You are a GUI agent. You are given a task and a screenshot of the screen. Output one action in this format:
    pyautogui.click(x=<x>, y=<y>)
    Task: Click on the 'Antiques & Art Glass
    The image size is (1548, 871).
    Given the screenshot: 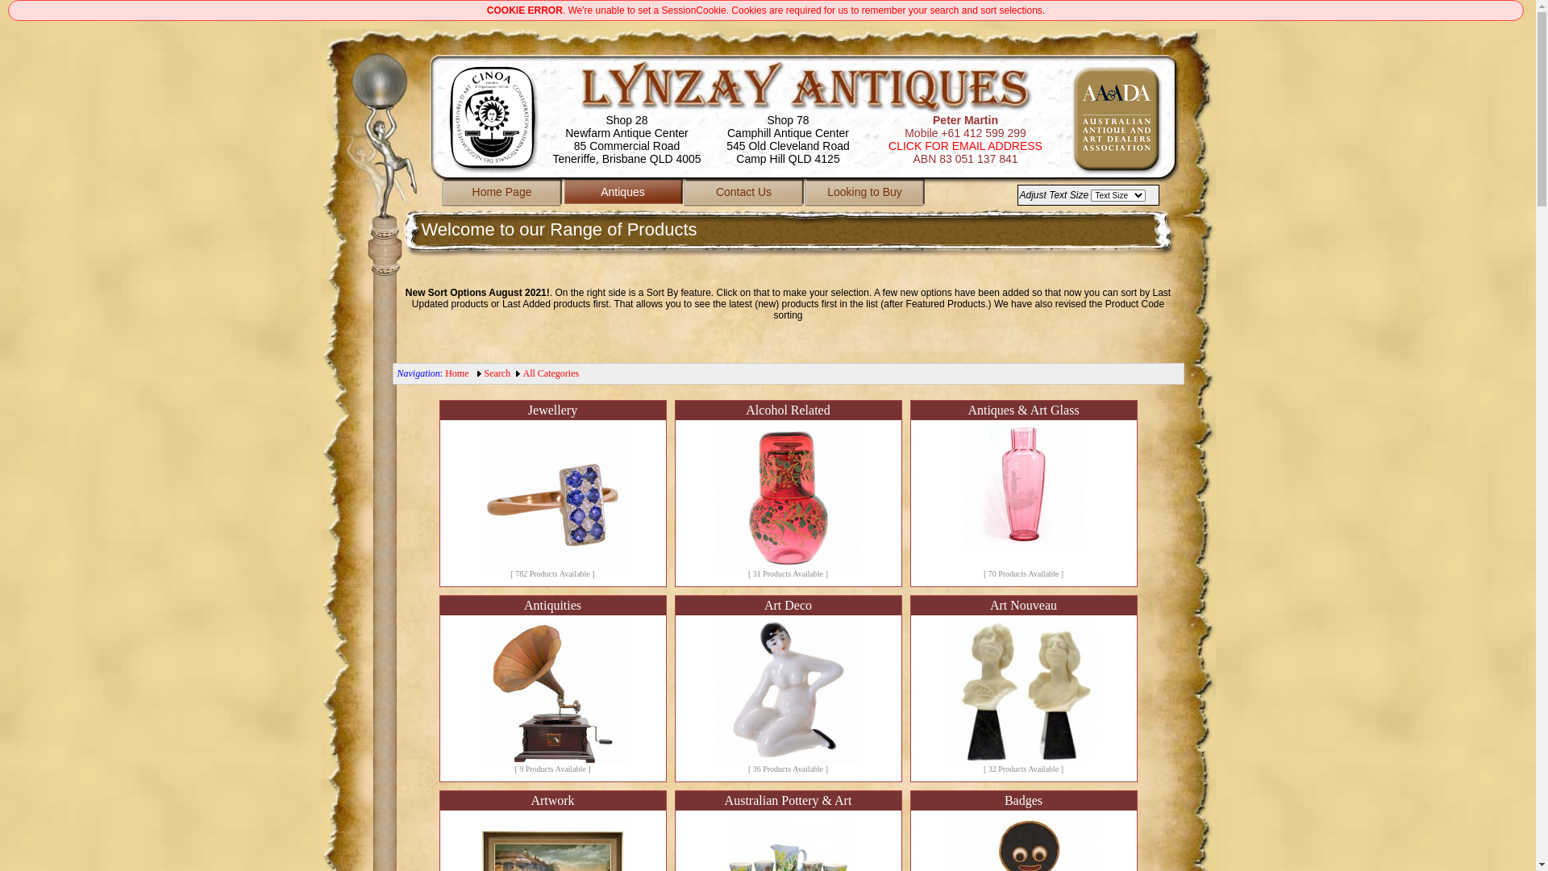 What is the action you would take?
    pyautogui.click(x=1022, y=493)
    